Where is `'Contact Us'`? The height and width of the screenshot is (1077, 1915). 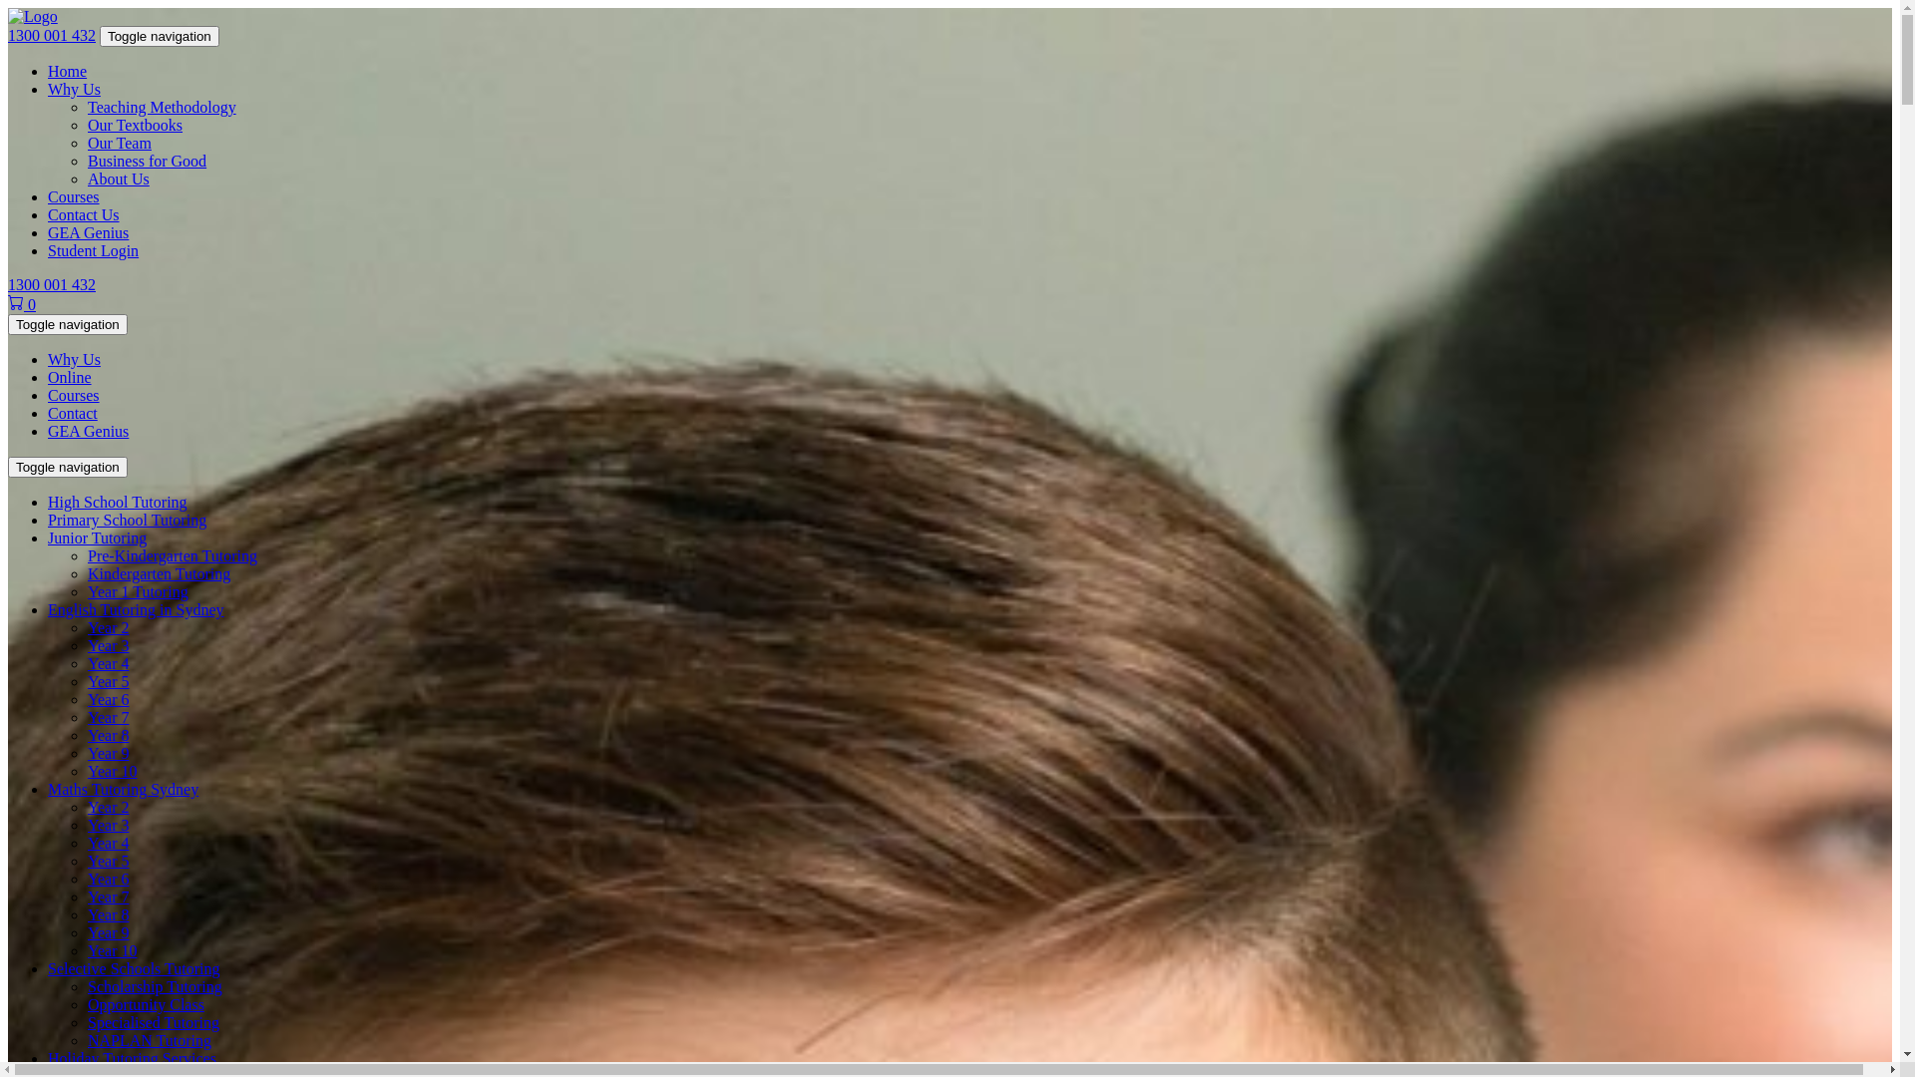 'Contact Us' is located at coordinates (48, 214).